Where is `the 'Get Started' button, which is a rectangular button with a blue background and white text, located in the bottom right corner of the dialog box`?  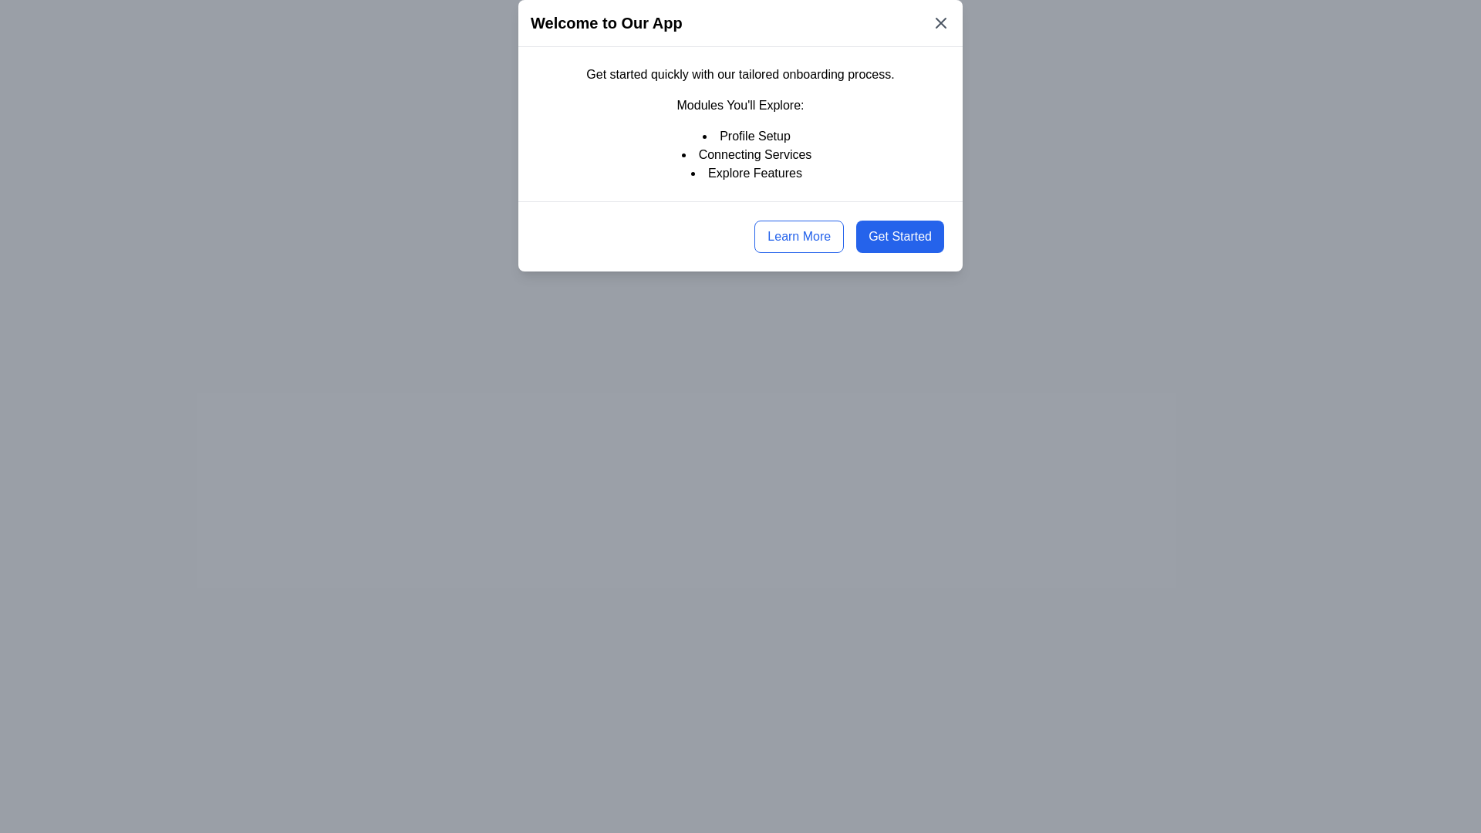
the 'Get Started' button, which is a rectangular button with a blue background and white text, located in the bottom right corner of the dialog box is located at coordinates (900, 237).